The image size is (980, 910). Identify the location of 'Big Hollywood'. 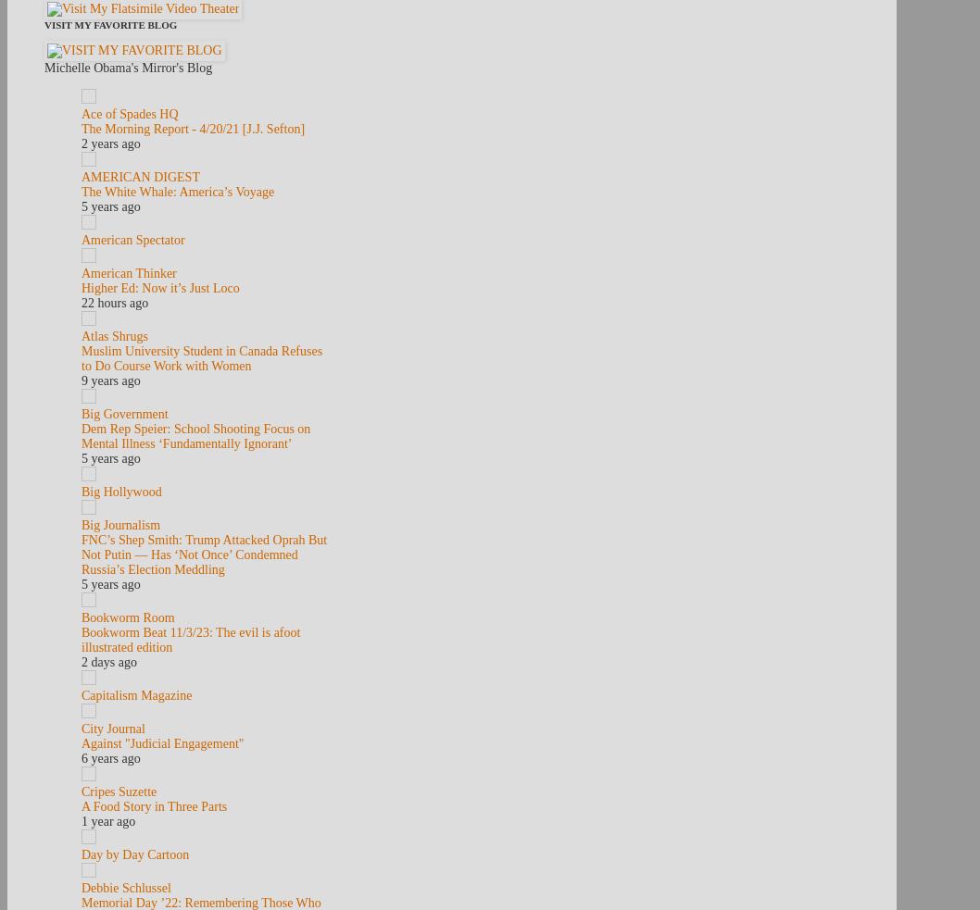
(119, 492).